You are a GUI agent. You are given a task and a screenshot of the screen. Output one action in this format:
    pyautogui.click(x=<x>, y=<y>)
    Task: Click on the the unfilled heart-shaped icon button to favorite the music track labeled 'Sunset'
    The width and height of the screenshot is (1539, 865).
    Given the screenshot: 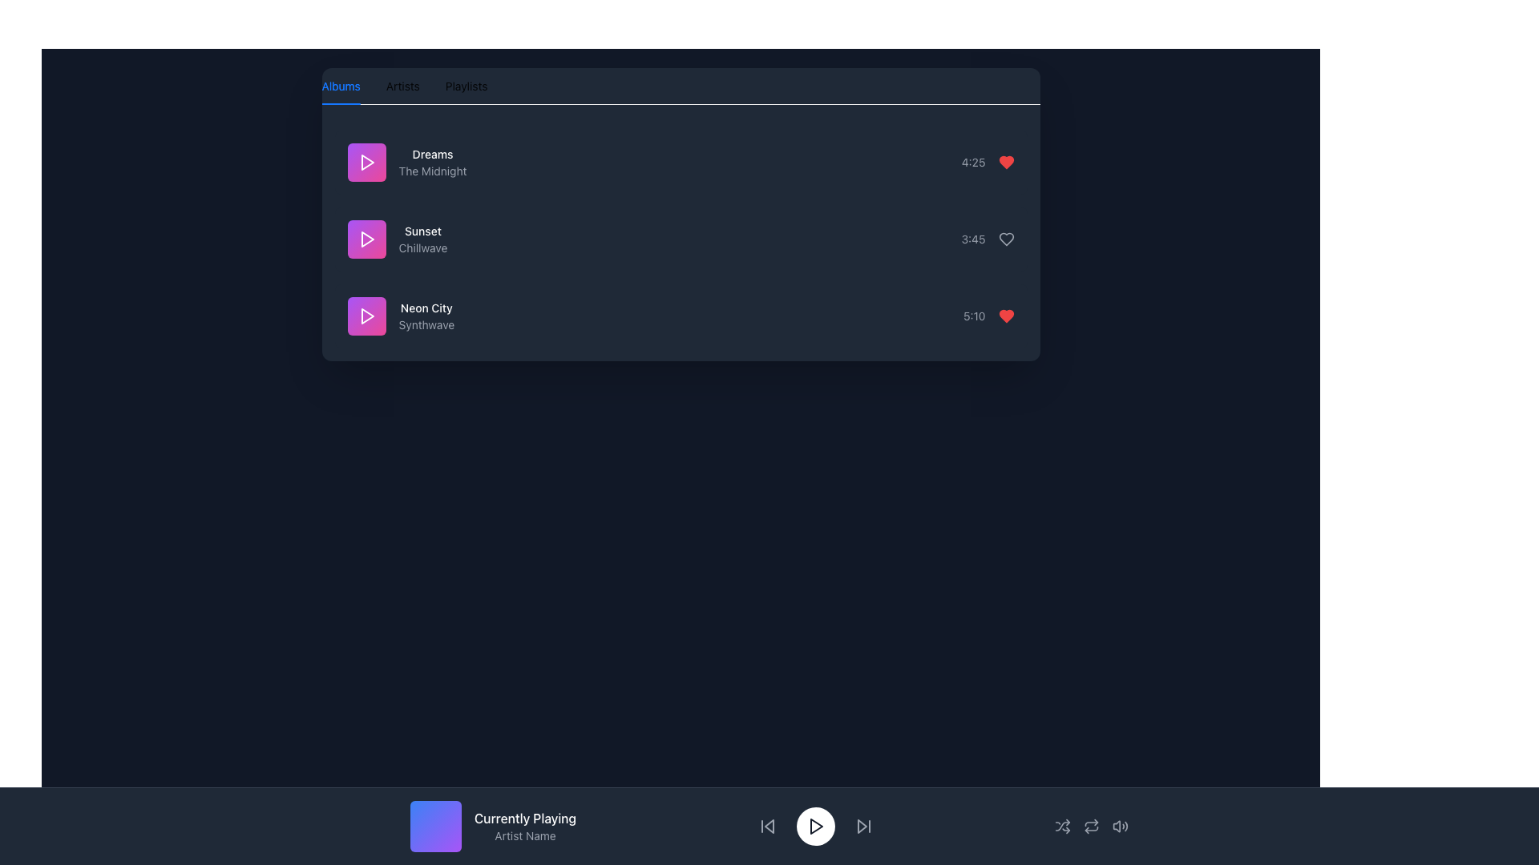 What is the action you would take?
    pyautogui.click(x=1005, y=239)
    